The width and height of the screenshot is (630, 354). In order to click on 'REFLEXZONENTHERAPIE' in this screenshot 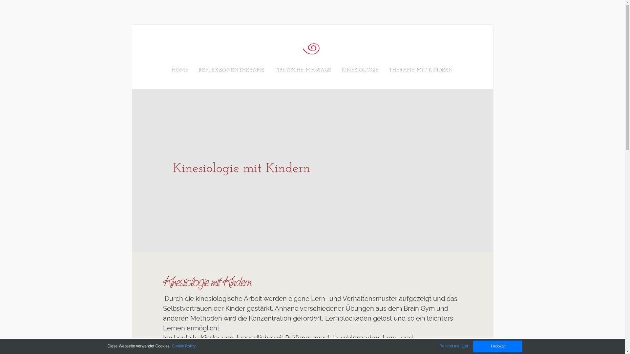, I will do `click(231, 70)`.